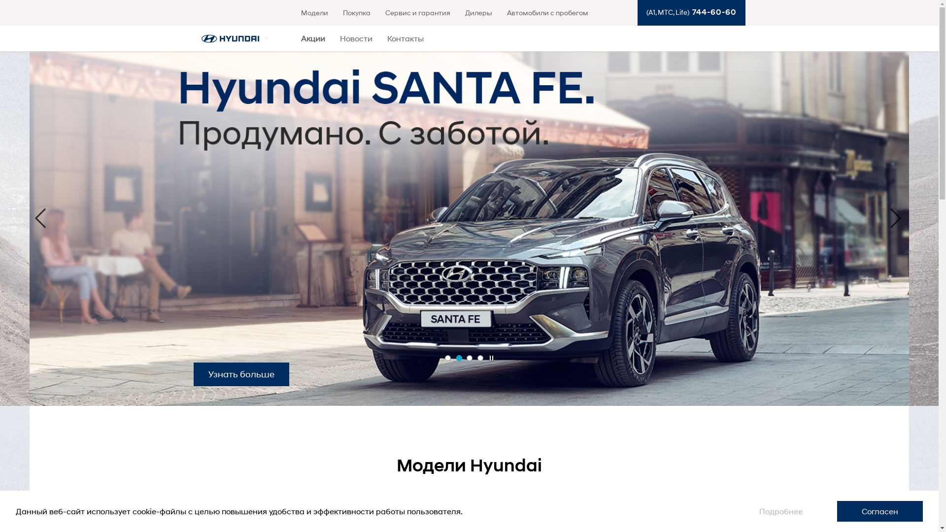 The image size is (946, 532). Describe the element at coordinates (465, 358) in the screenshot. I see `'3'` at that location.